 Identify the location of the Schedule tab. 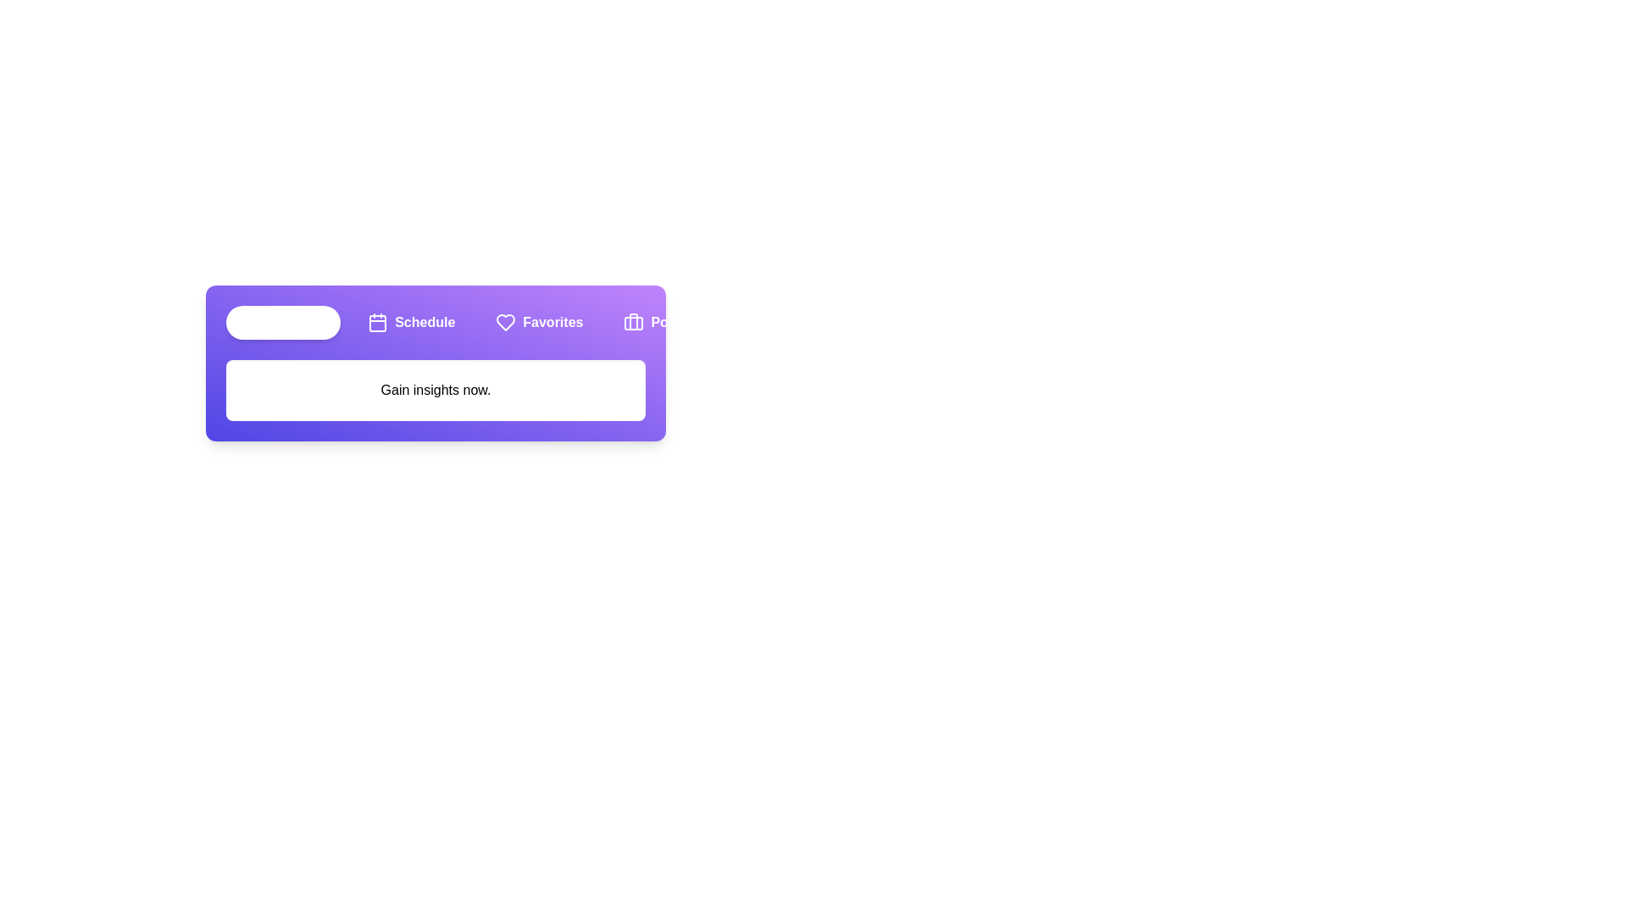
(411, 323).